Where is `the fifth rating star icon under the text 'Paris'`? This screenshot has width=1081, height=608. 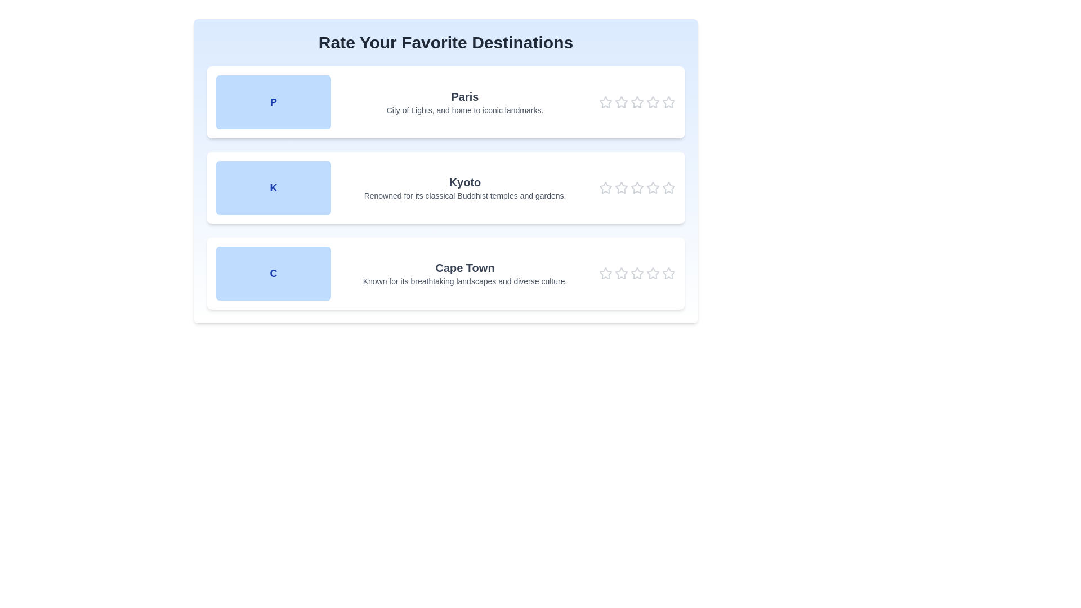
the fifth rating star icon under the text 'Paris' is located at coordinates (669, 102).